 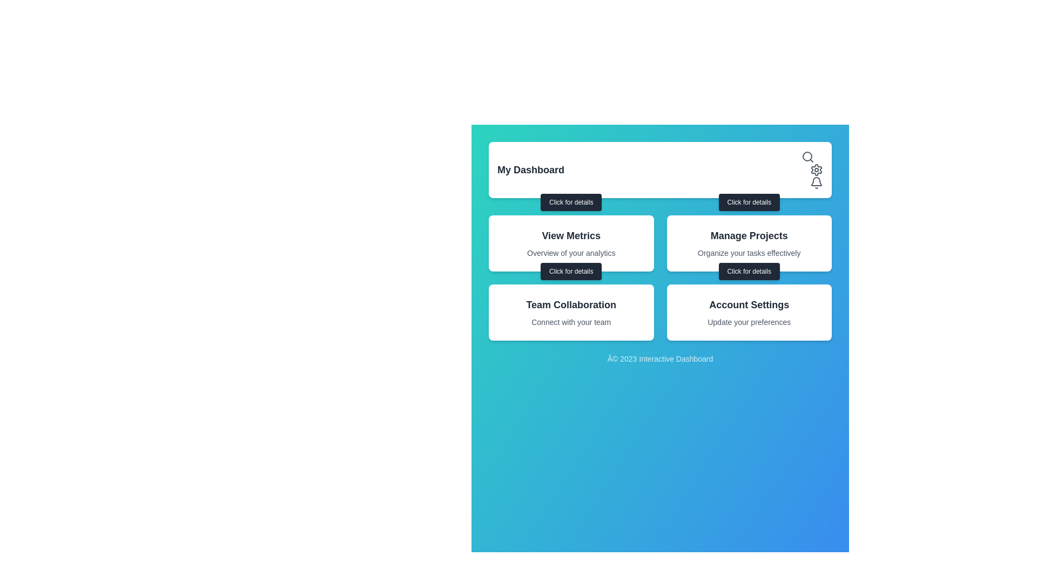 What do you see at coordinates (817, 170) in the screenshot?
I see `the settings icon button located in the upper right corner of the interface, positioned between the search icon and the notification bell icon` at bounding box center [817, 170].